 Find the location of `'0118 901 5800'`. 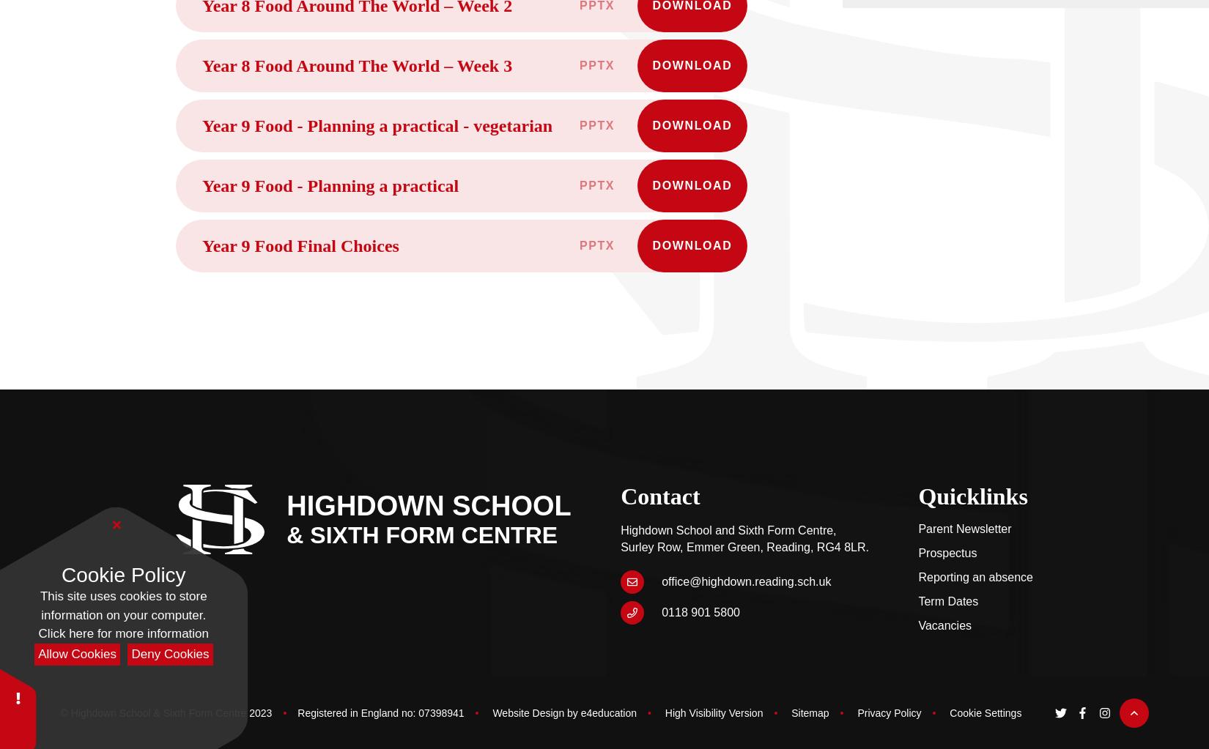

'0118 901 5800' is located at coordinates (662, 611).